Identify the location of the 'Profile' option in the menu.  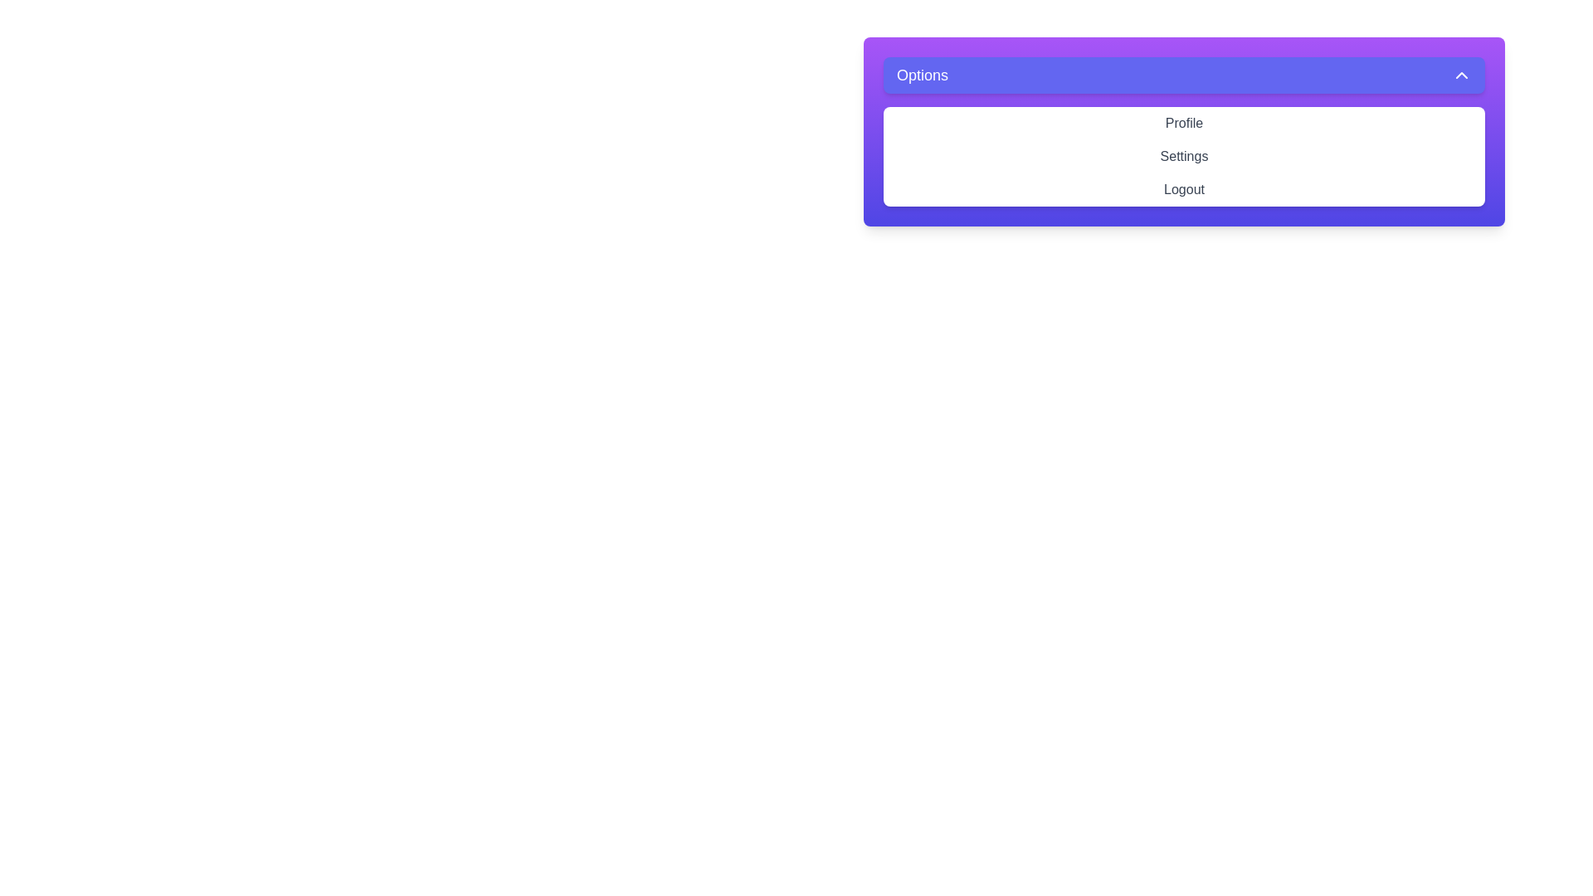
(1183, 123).